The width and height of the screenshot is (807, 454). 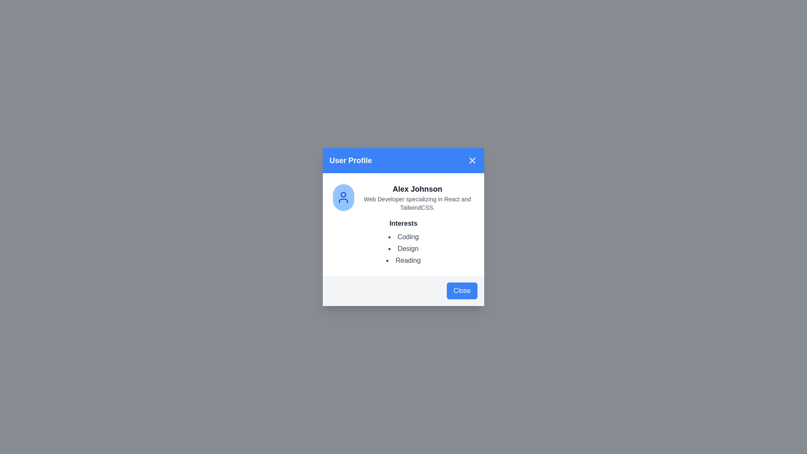 I want to click on the text block displaying 'Alex Johnson' and 'Web Developer specializing in React and TailwindCSS' located centrally beneath the avatar icon on the user profile card, so click(x=417, y=198).